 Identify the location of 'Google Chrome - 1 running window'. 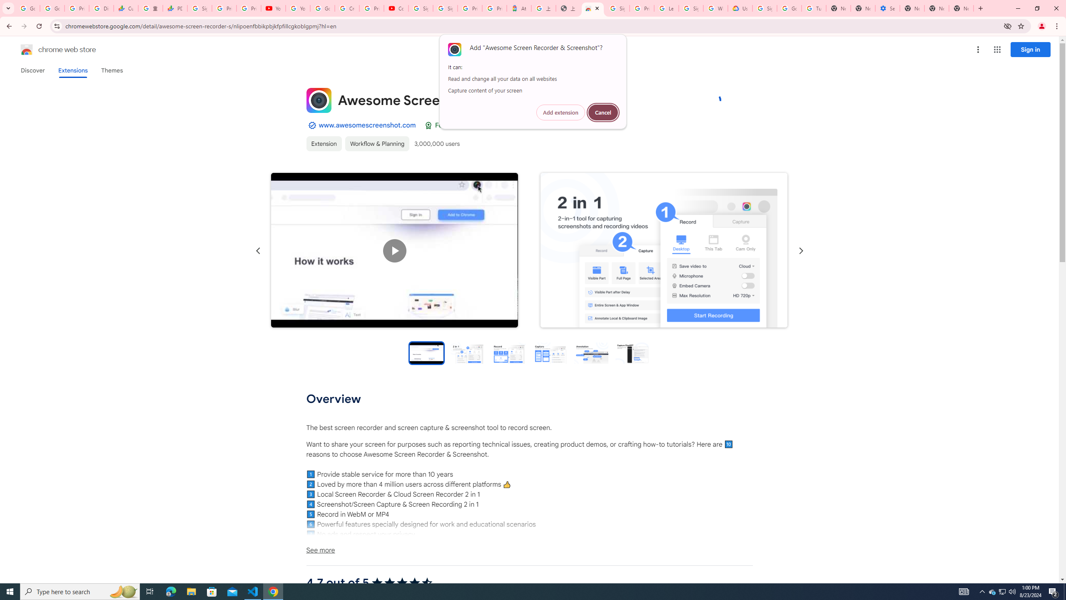
(273, 591).